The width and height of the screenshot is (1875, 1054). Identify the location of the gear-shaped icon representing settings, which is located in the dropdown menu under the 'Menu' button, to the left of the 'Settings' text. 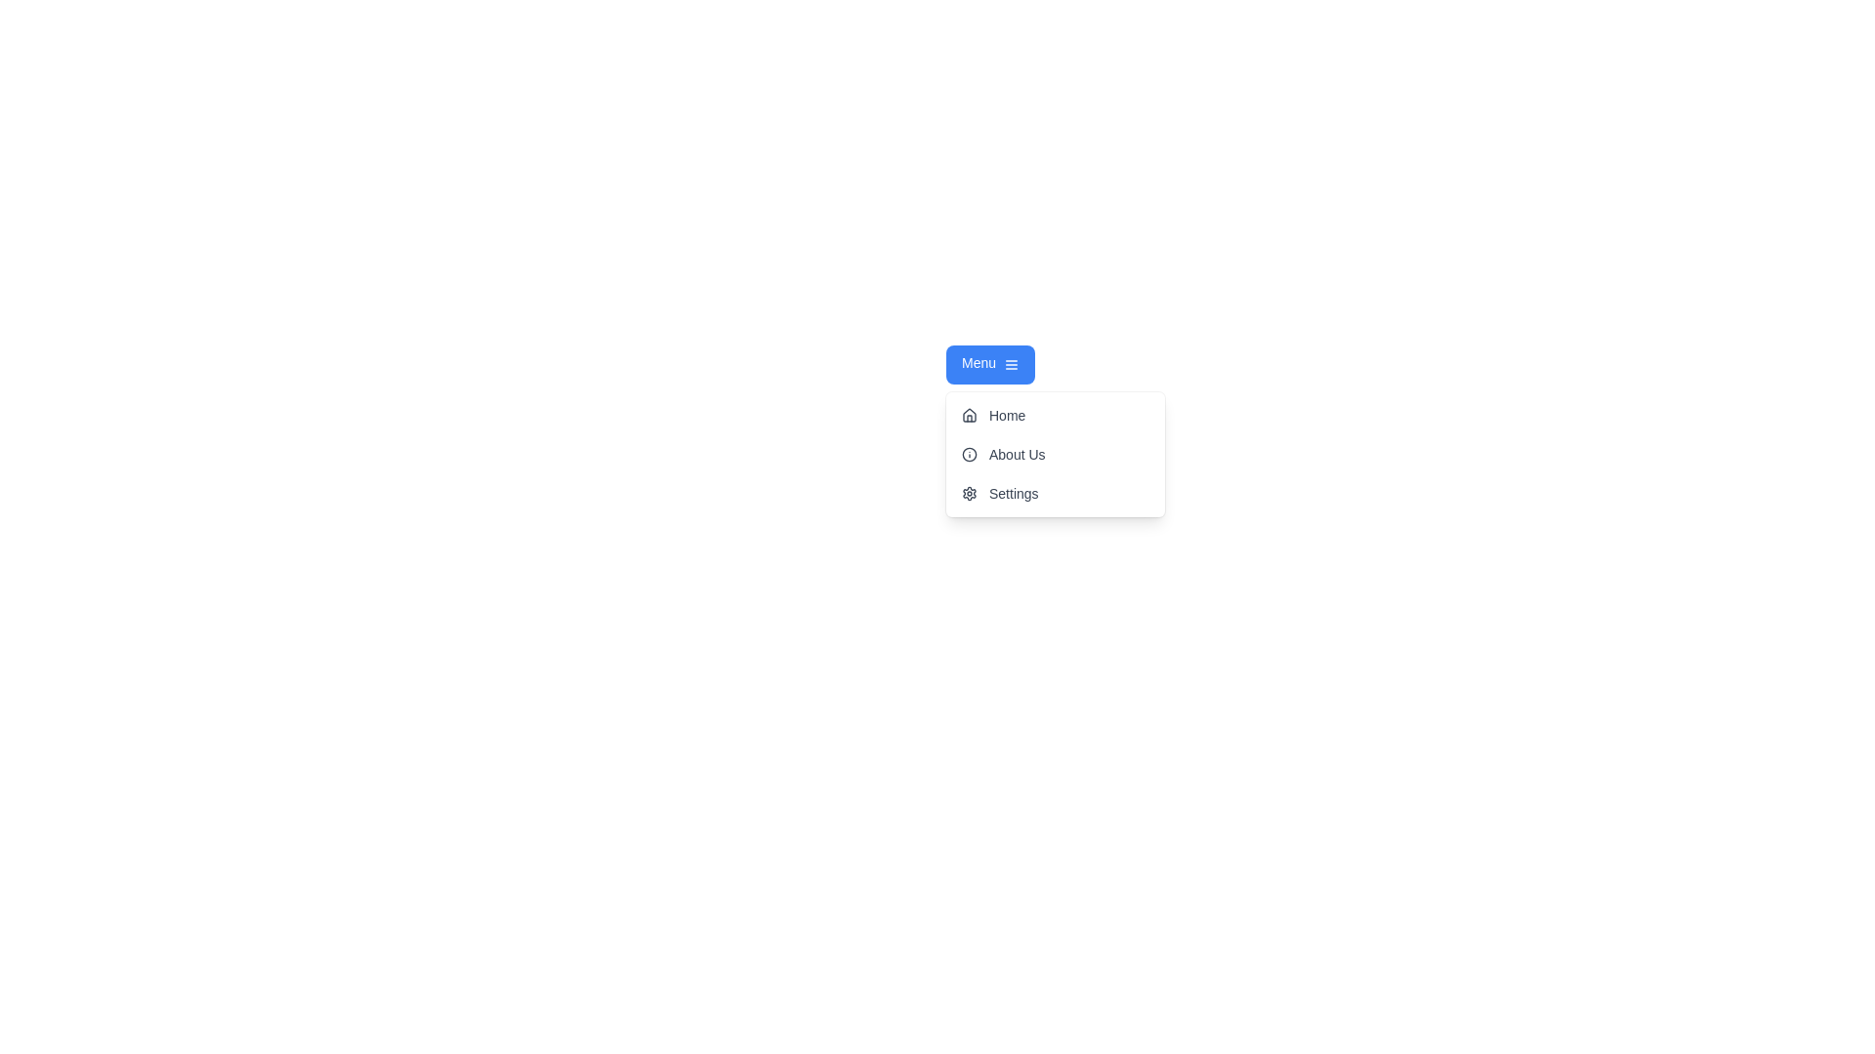
(970, 492).